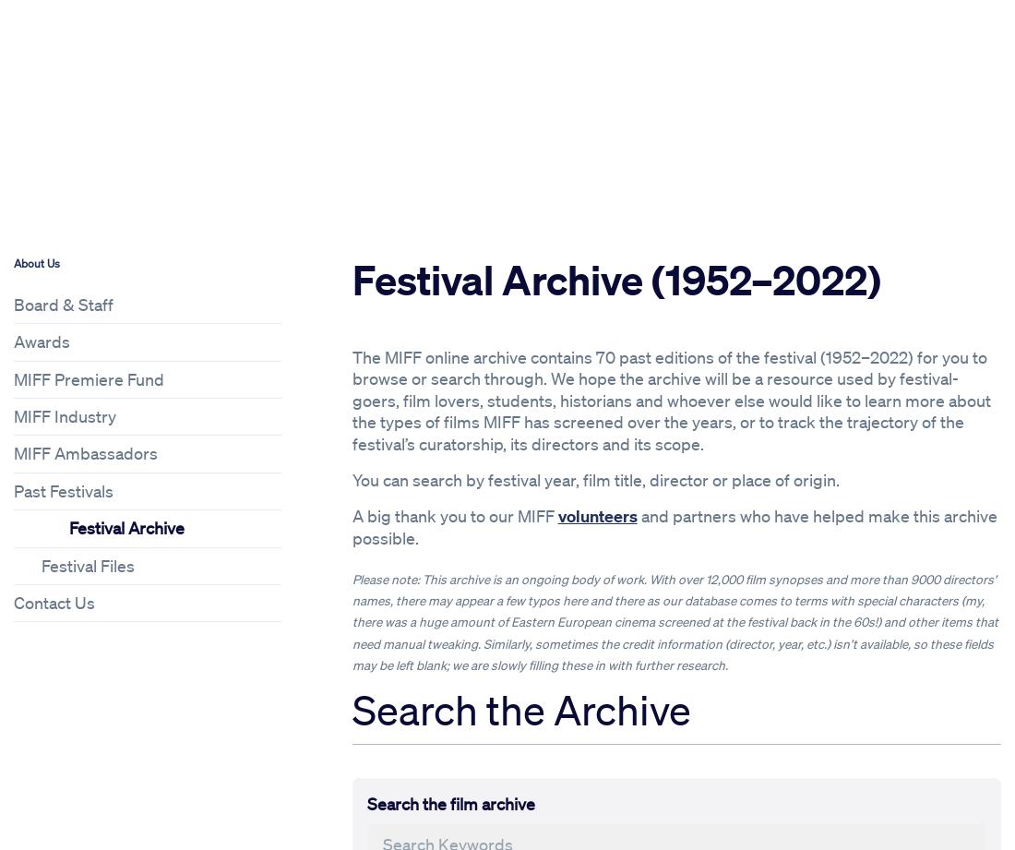 Image resolution: width=1015 pixels, height=850 pixels. I want to click on 'About Us', so click(36, 262).